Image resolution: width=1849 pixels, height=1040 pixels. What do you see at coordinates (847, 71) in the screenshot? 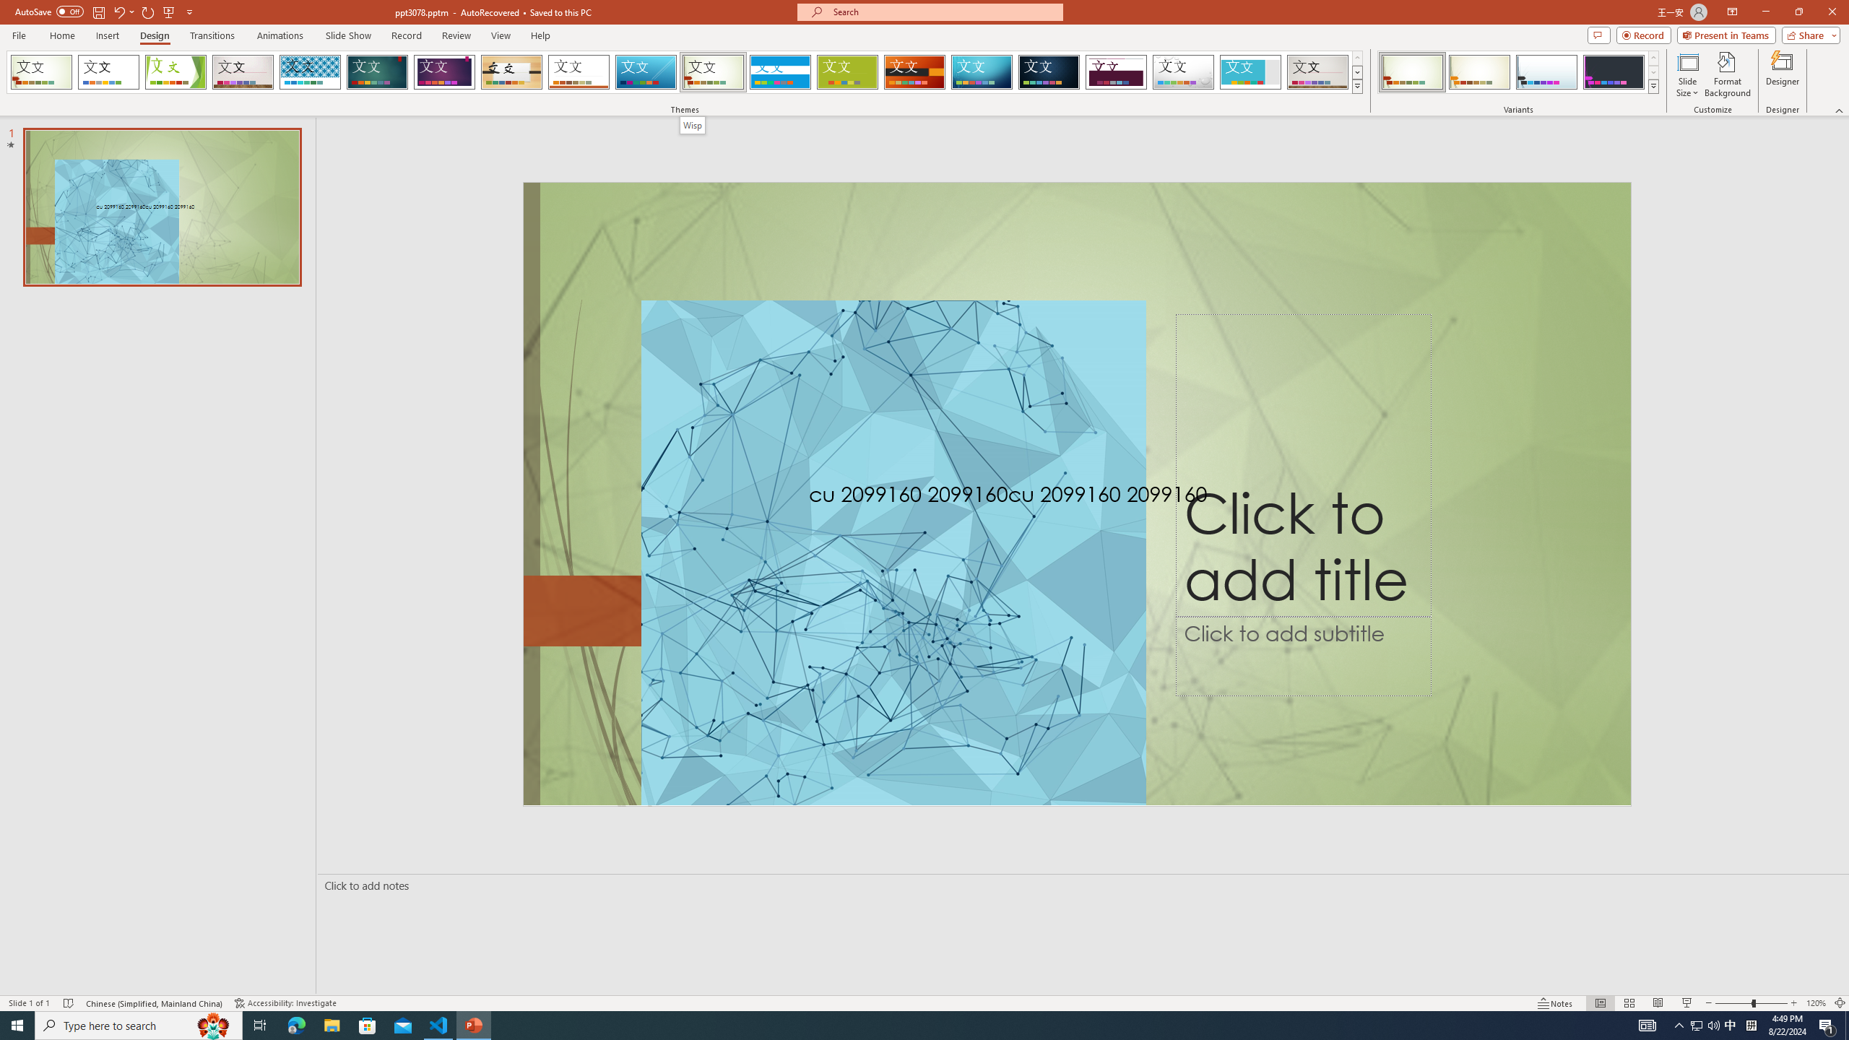
I see `'Basis Loading Preview...'` at bounding box center [847, 71].